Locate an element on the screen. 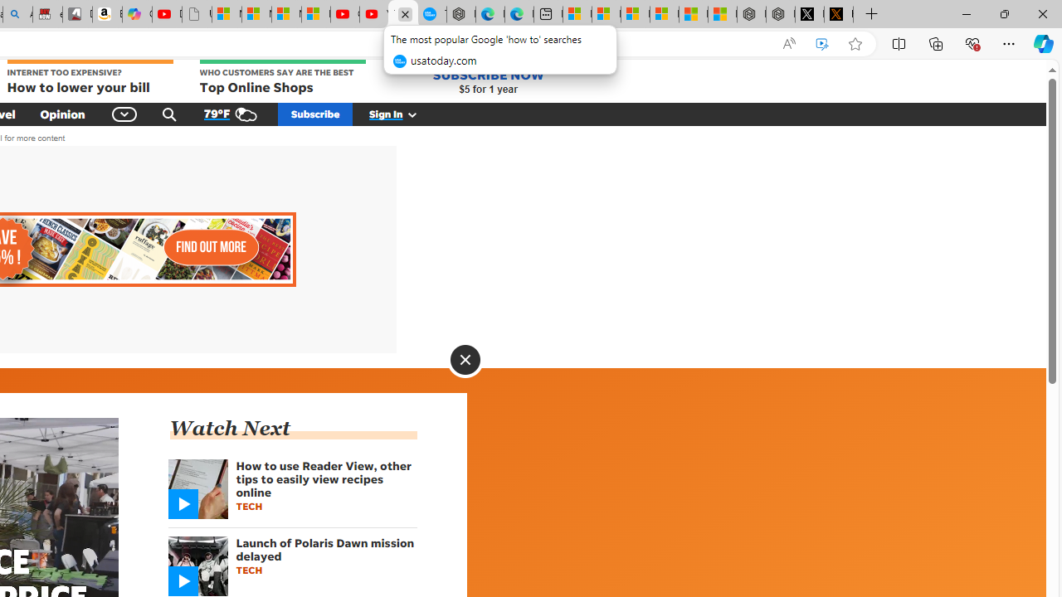  'Day 1: Arriving in Yemen (surreal to be here) - YouTube' is located at coordinates (167, 14).